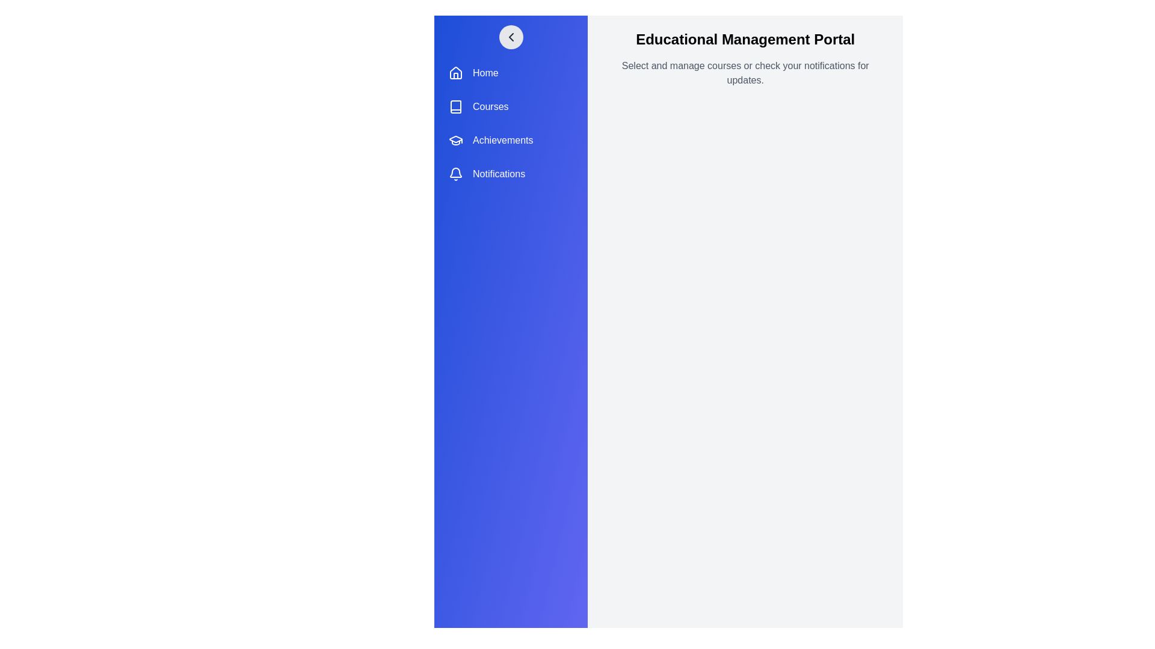  Describe the element at coordinates (511, 106) in the screenshot. I see `the menu item labeled Courses` at that location.